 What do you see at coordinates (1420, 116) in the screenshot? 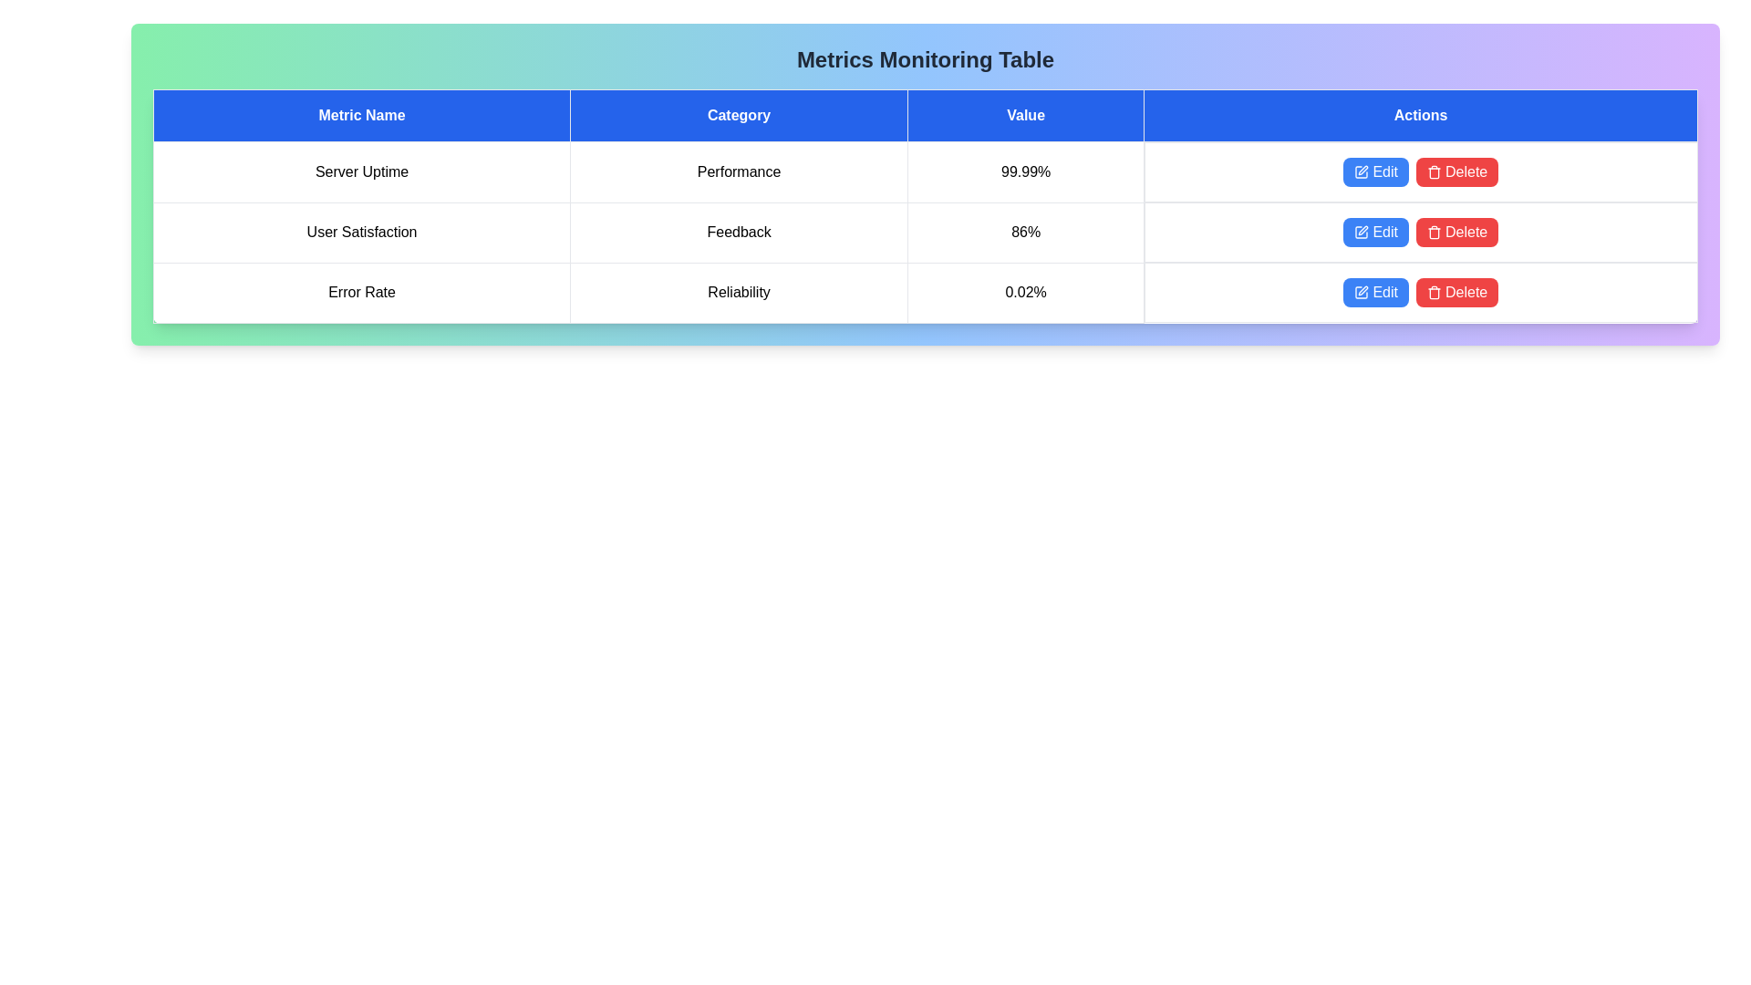
I see `the table header Actions to sort or interact with it` at bounding box center [1420, 116].